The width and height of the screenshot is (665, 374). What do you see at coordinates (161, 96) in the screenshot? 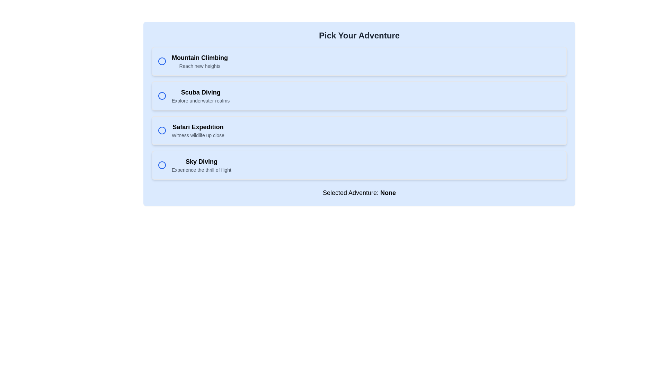
I see `the radio button corresponding to the 'Scuba Diving' option` at bounding box center [161, 96].